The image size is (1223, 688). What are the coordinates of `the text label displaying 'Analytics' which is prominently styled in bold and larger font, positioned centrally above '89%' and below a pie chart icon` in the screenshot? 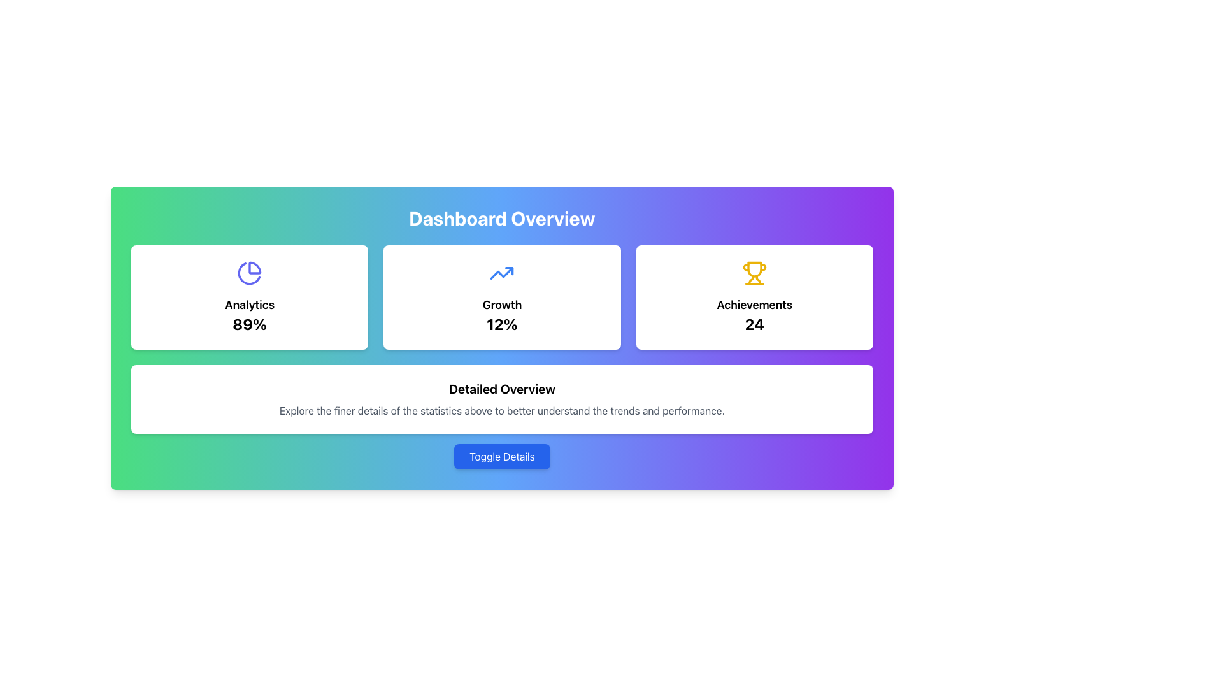 It's located at (250, 305).